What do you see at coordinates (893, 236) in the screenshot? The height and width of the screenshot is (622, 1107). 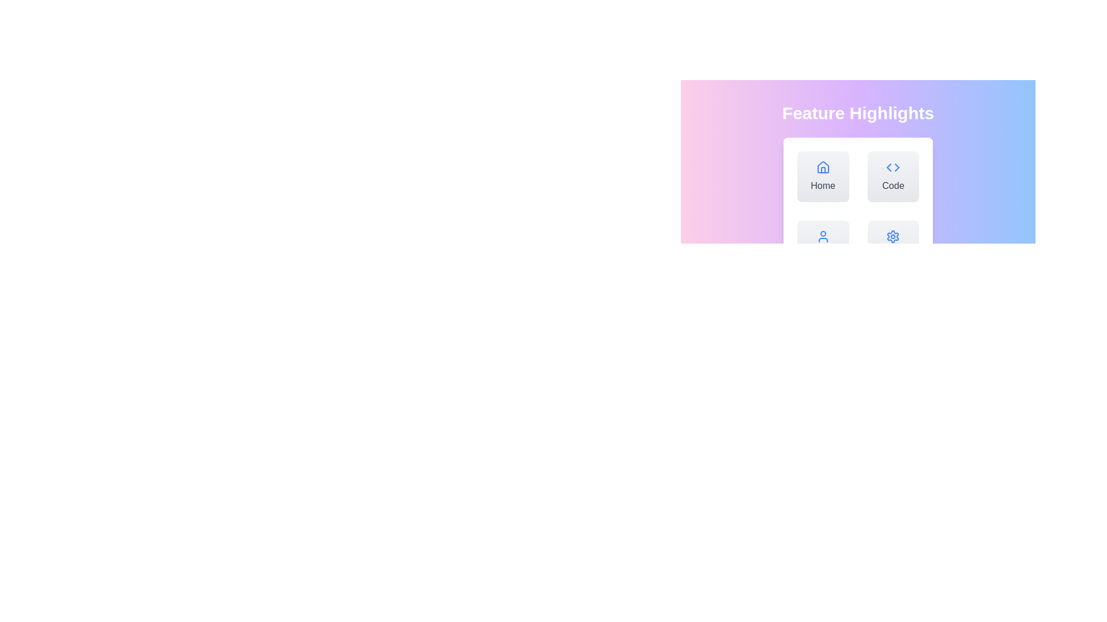 I see `the blue gear icon that is positioned above the 'Settings' text label in the bottom-right card of the grid layout` at bounding box center [893, 236].